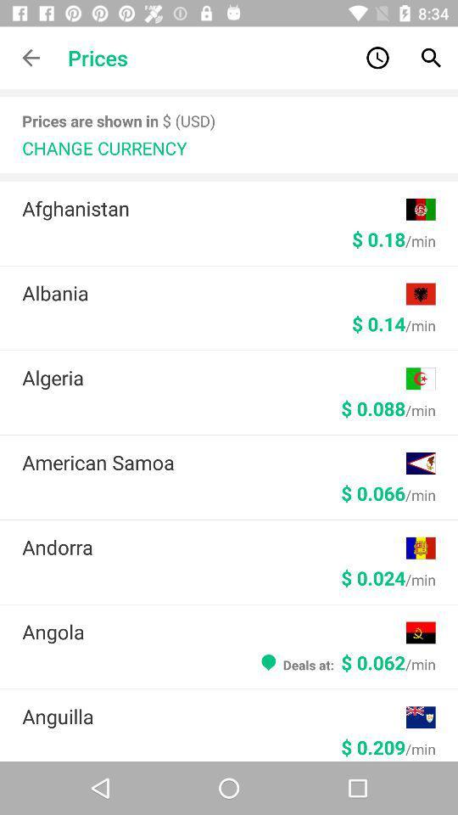 This screenshot has width=458, height=815. What do you see at coordinates (214, 631) in the screenshot?
I see `the angola` at bounding box center [214, 631].